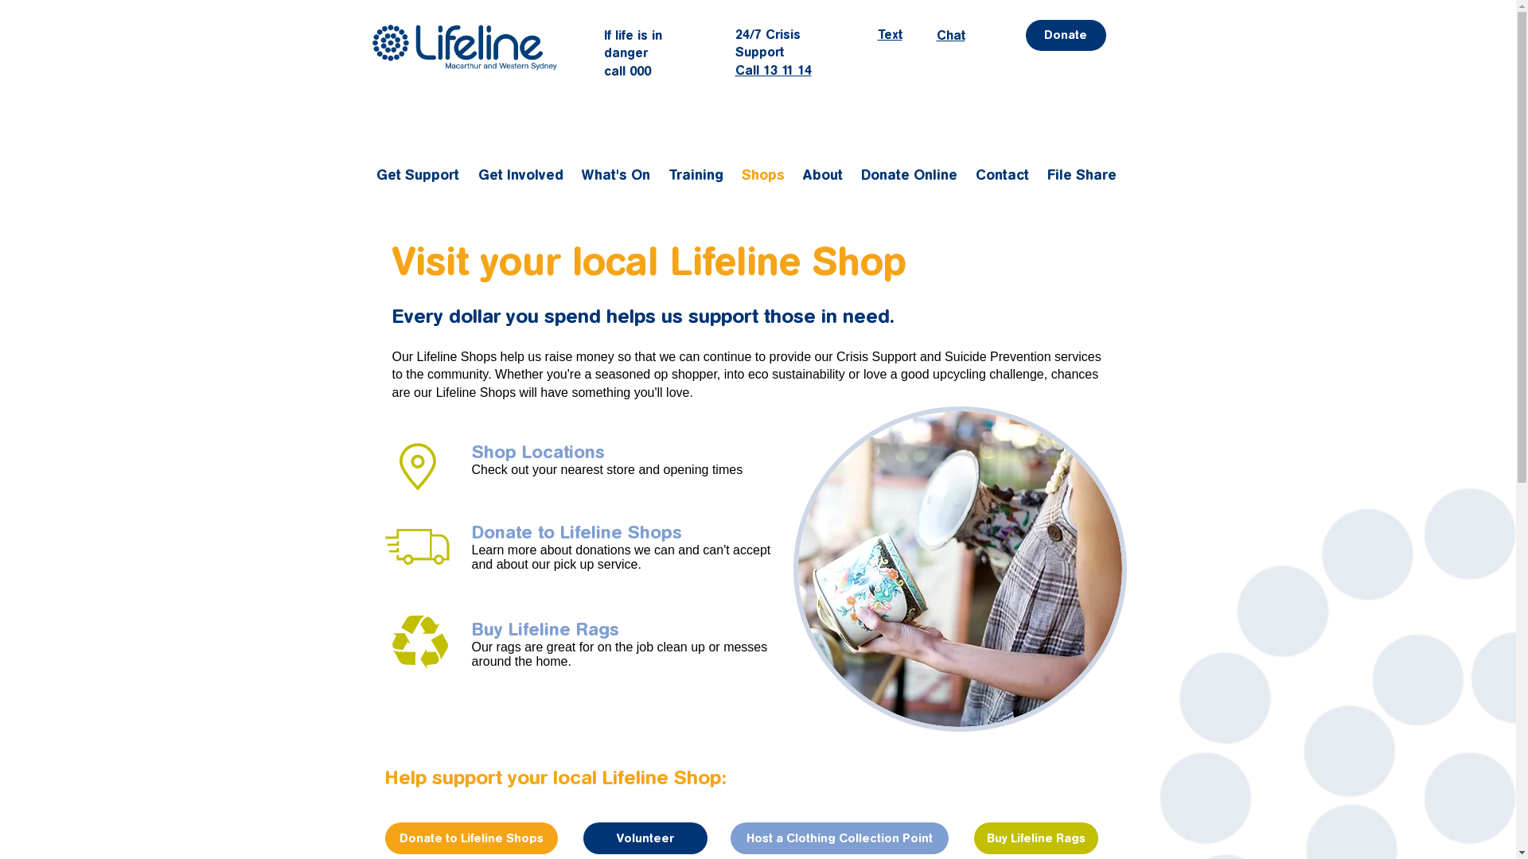  What do you see at coordinates (645, 837) in the screenshot?
I see `'Volunteer'` at bounding box center [645, 837].